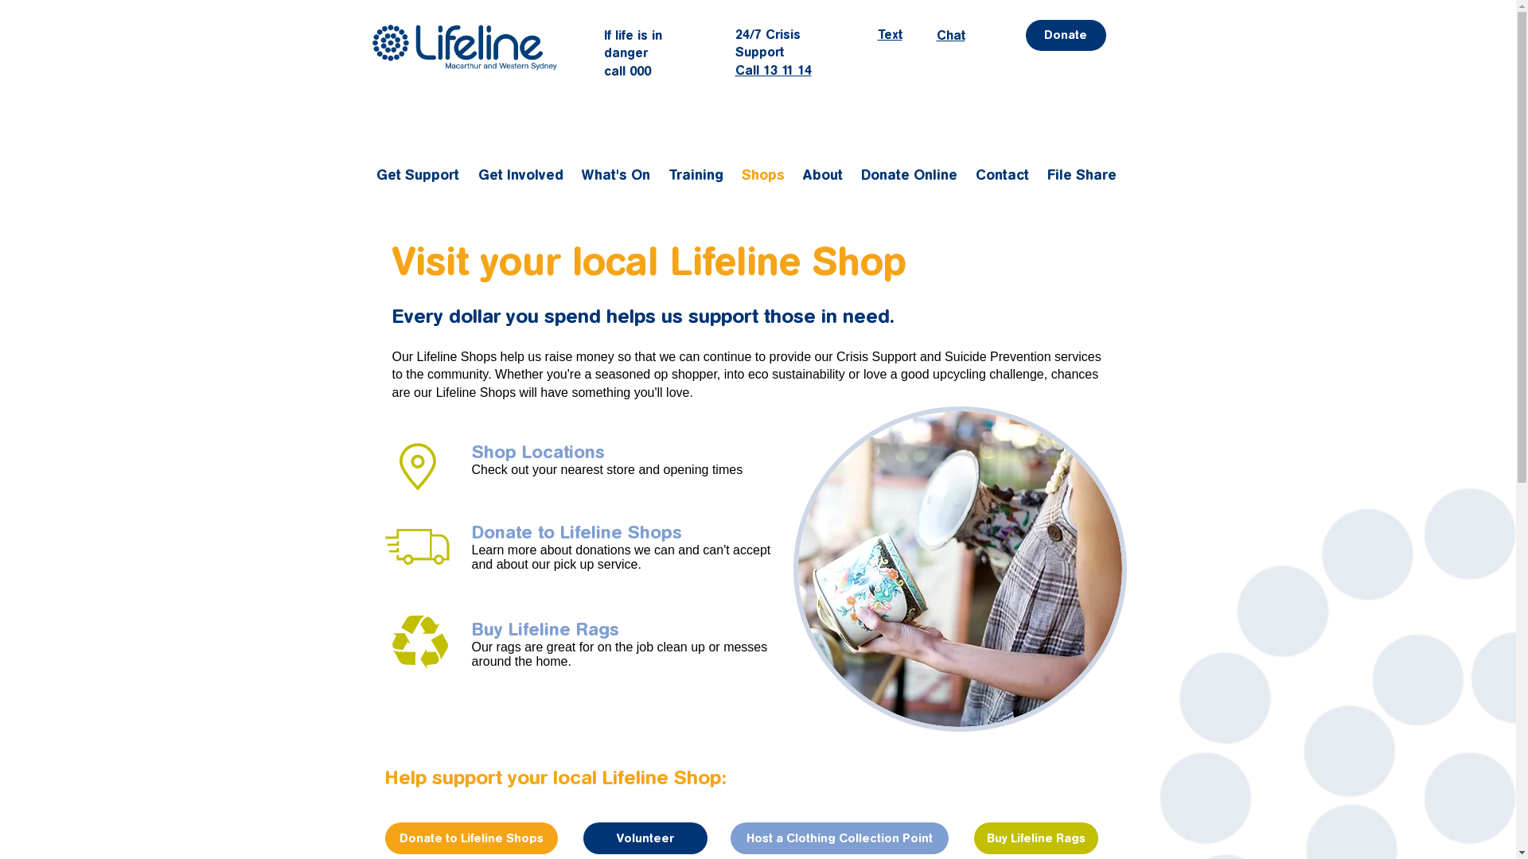  What do you see at coordinates (645, 837) in the screenshot?
I see `'Volunteer'` at bounding box center [645, 837].